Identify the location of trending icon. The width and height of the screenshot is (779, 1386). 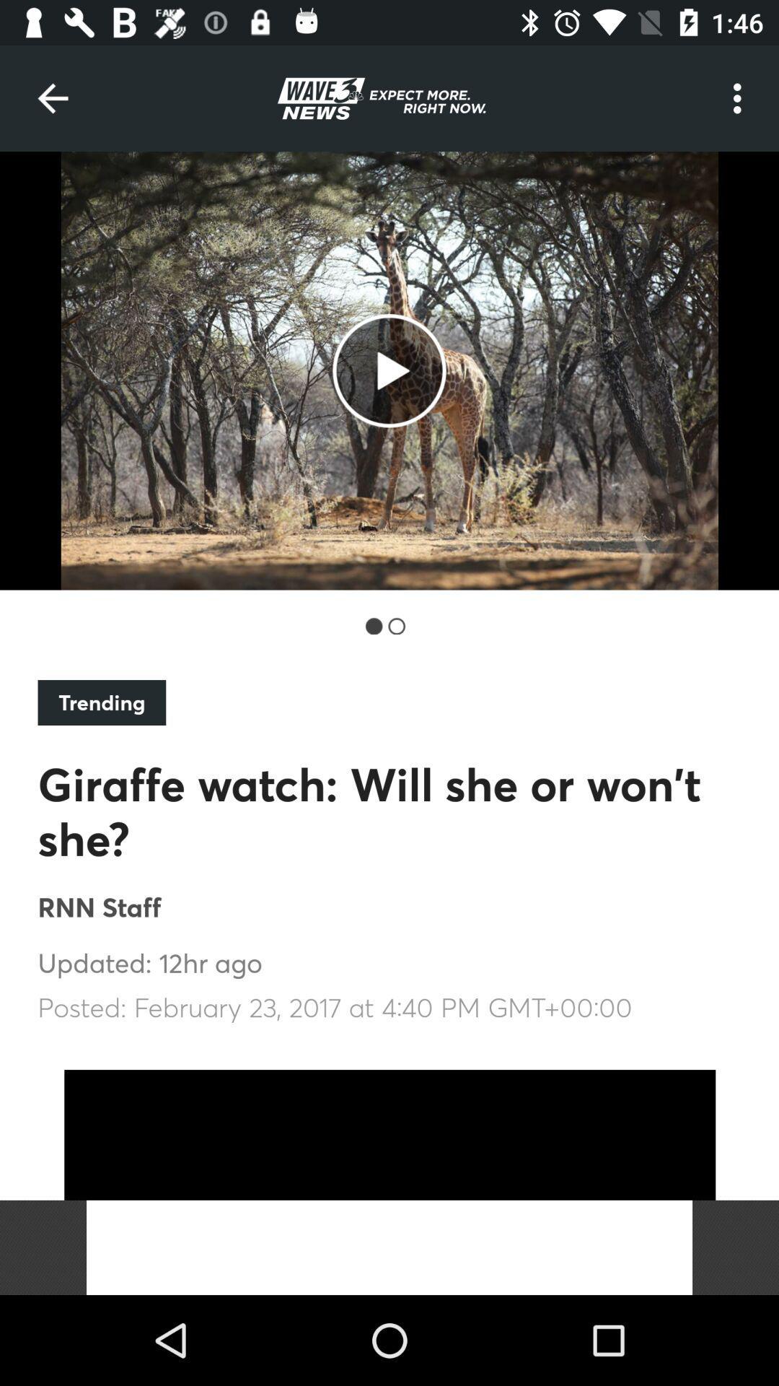
(101, 702).